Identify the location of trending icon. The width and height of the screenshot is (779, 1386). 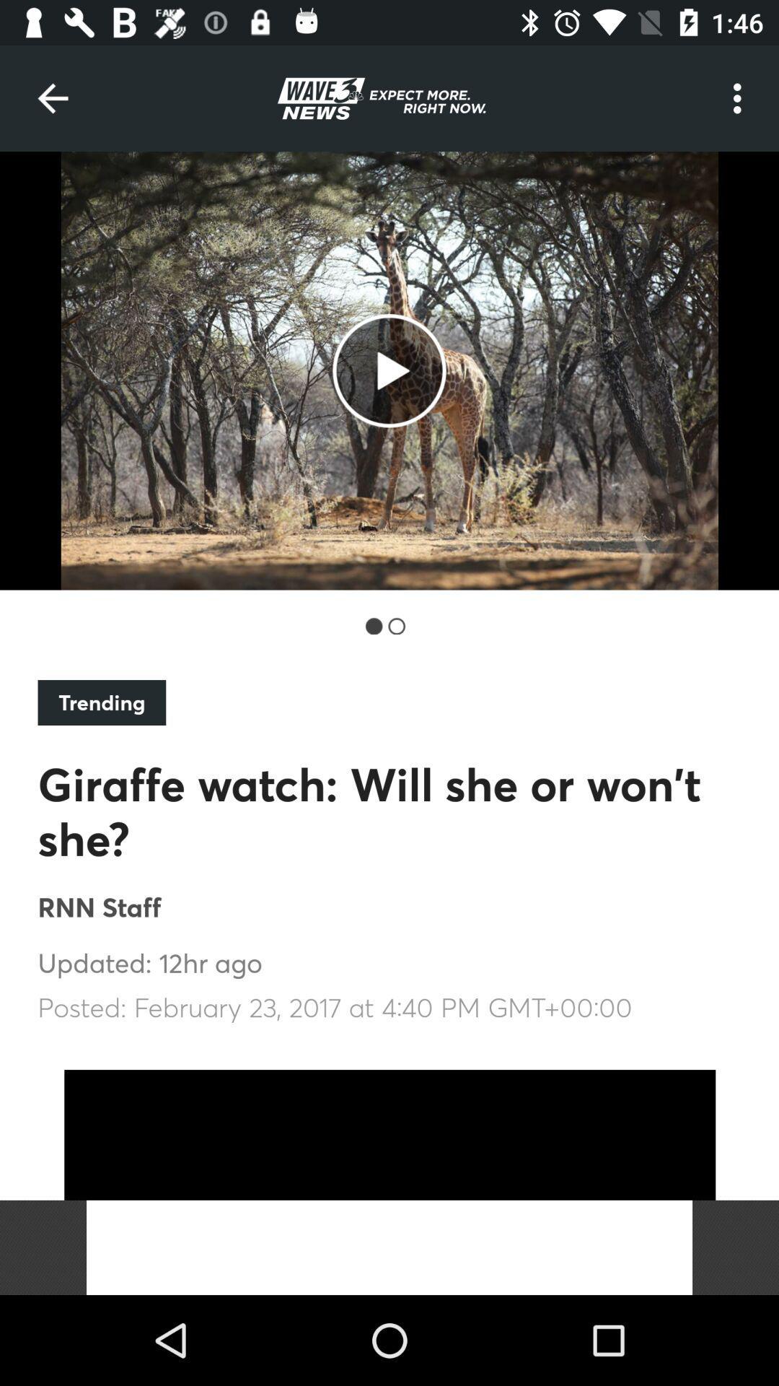
(101, 702).